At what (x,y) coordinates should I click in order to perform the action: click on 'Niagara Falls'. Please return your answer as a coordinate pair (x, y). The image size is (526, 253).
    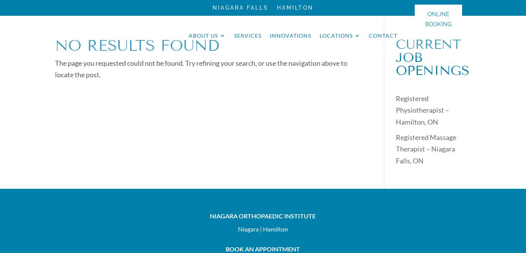
    Looking at the image, I should click on (240, 8).